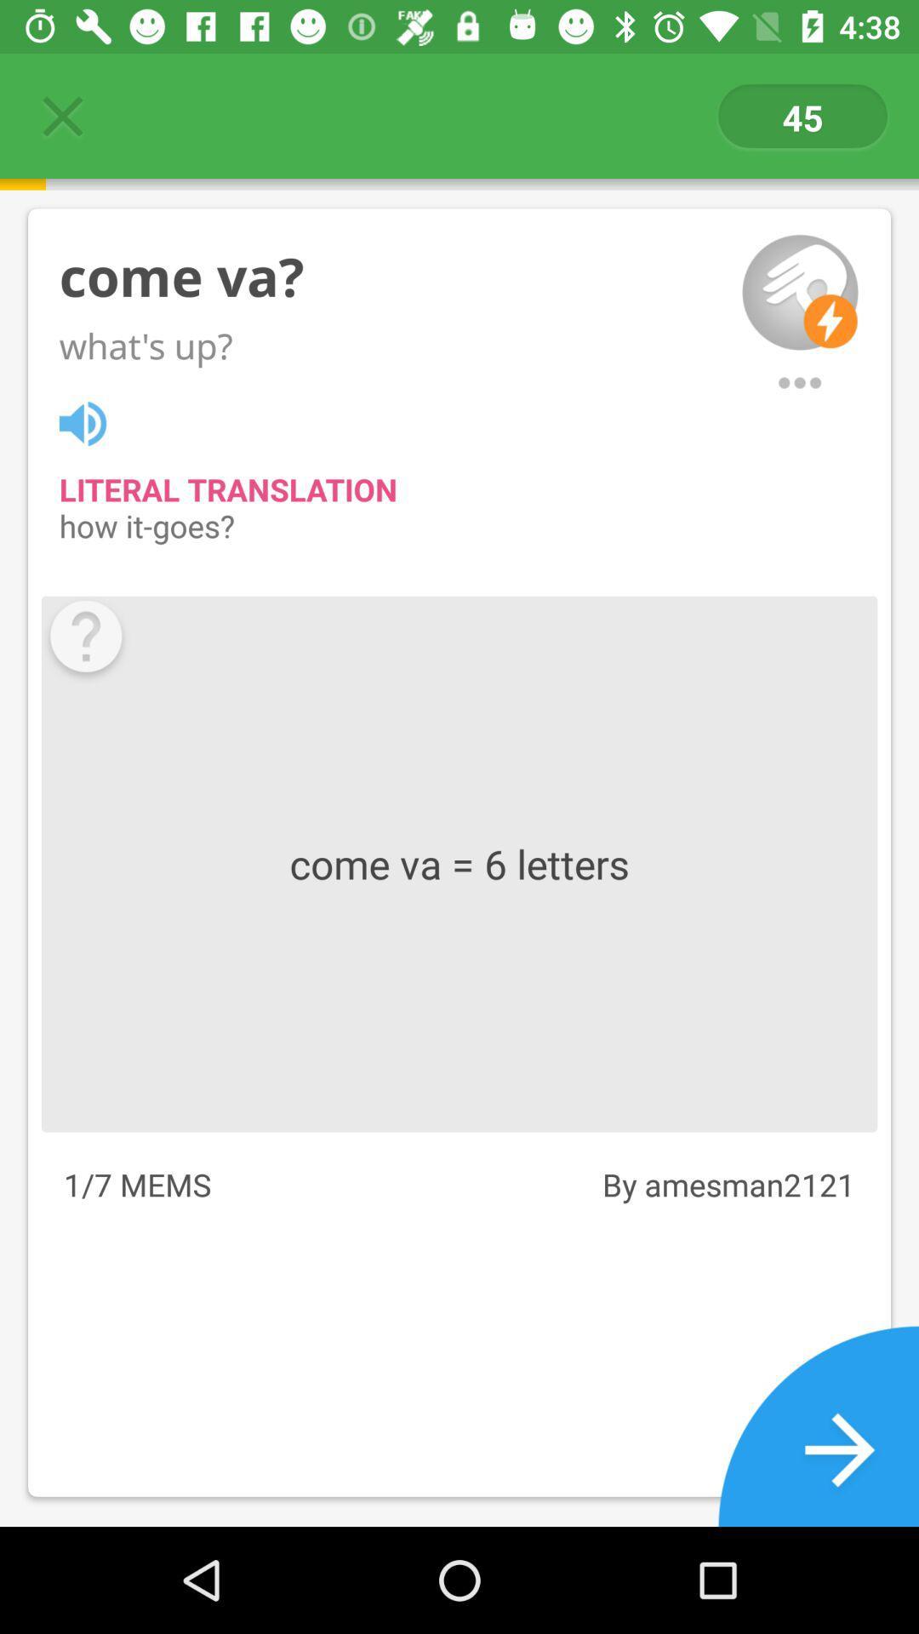 The width and height of the screenshot is (919, 1634). I want to click on search, so click(800, 382).